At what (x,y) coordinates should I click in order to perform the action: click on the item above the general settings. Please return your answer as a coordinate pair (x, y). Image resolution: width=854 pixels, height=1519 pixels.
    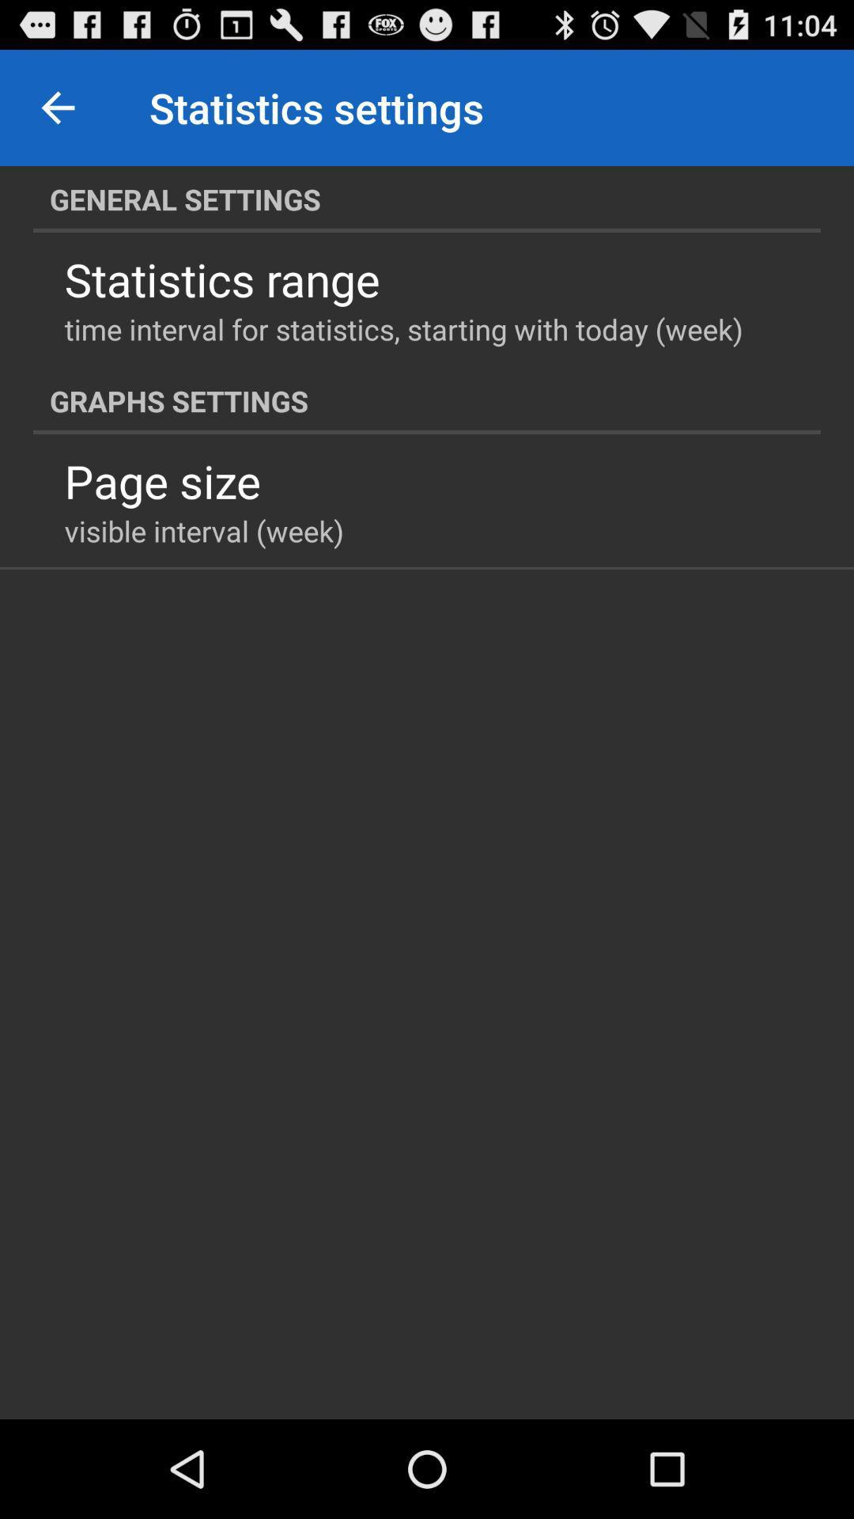
    Looking at the image, I should click on (57, 107).